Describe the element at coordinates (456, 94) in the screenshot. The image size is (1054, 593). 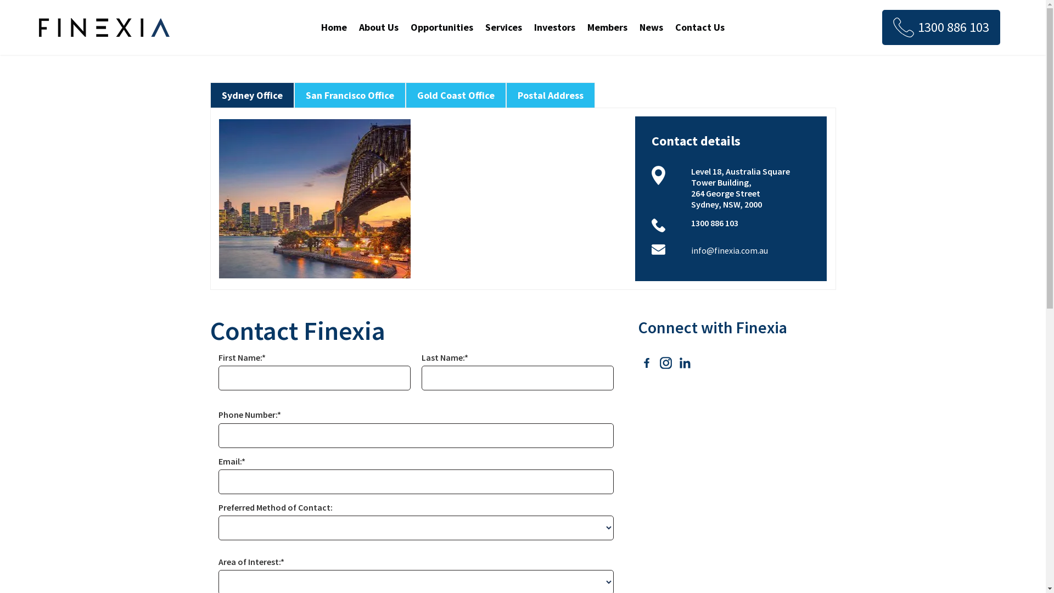
I see `'Gold Coast Office'` at that location.